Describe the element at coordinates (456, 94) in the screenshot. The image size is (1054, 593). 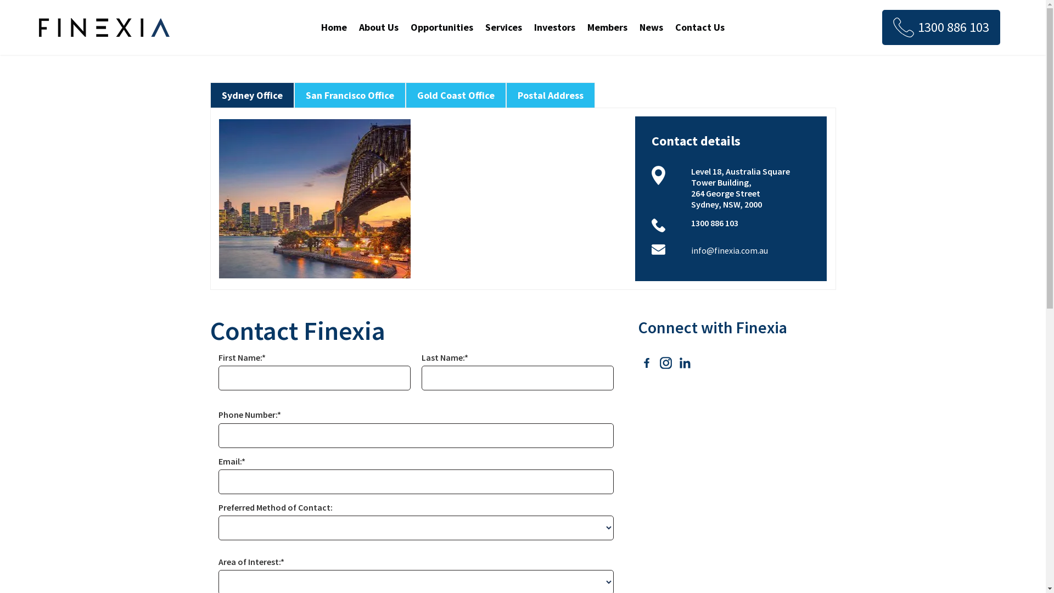
I see `'Gold Coast Office'` at that location.